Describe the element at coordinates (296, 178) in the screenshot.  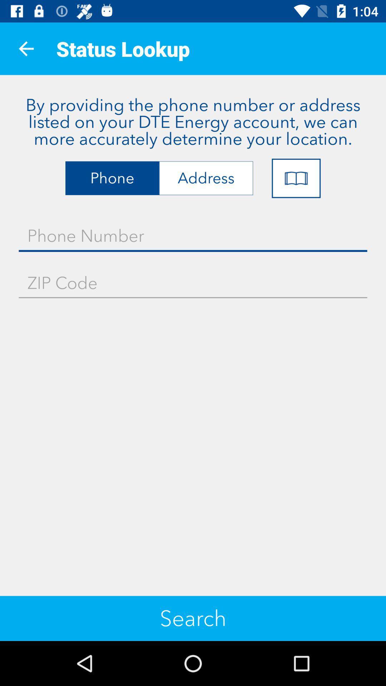
I see `item next to the address item` at that location.